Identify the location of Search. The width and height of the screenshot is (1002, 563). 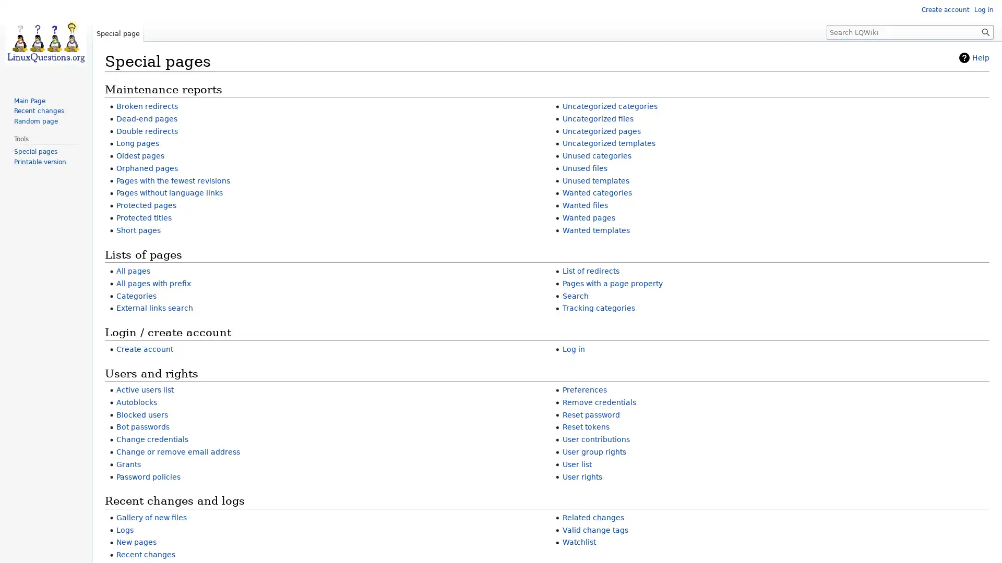
(985, 31).